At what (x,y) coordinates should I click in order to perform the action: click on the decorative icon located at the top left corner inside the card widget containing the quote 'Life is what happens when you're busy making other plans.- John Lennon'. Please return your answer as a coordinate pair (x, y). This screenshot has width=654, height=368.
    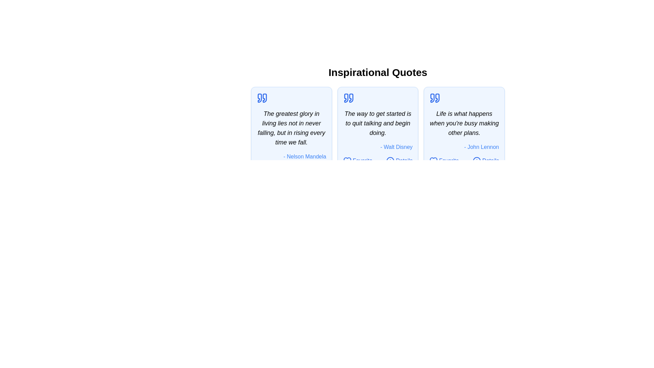
    Looking at the image, I should click on (435, 98).